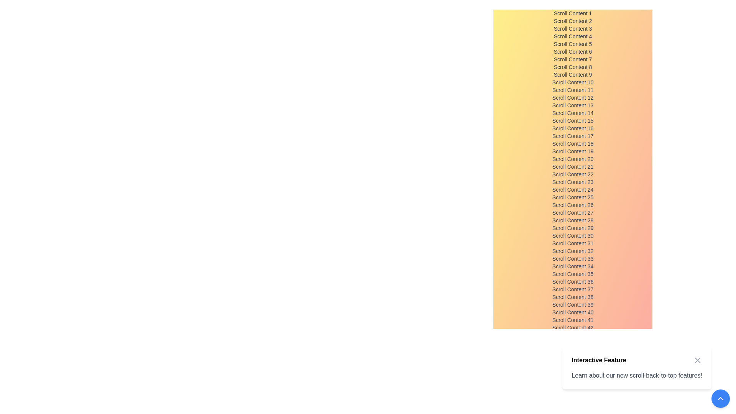  I want to click on the text label that displays 'Scroll Content 3', which is the third item in a vertical list of text elements with a gradient background, so click(573, 28).